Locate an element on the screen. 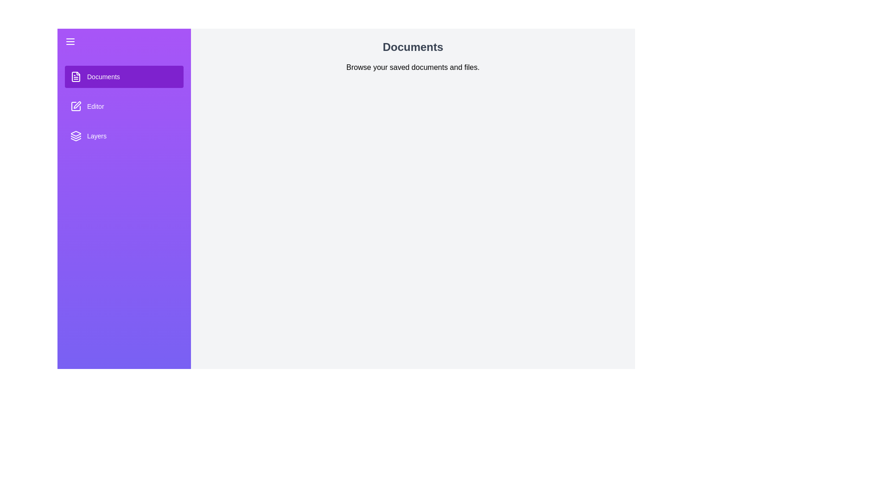 Image resolution: width=890 pixels, height=500 pixels. the section icon for Editor to inspect it is located at coordinates (76, 106).